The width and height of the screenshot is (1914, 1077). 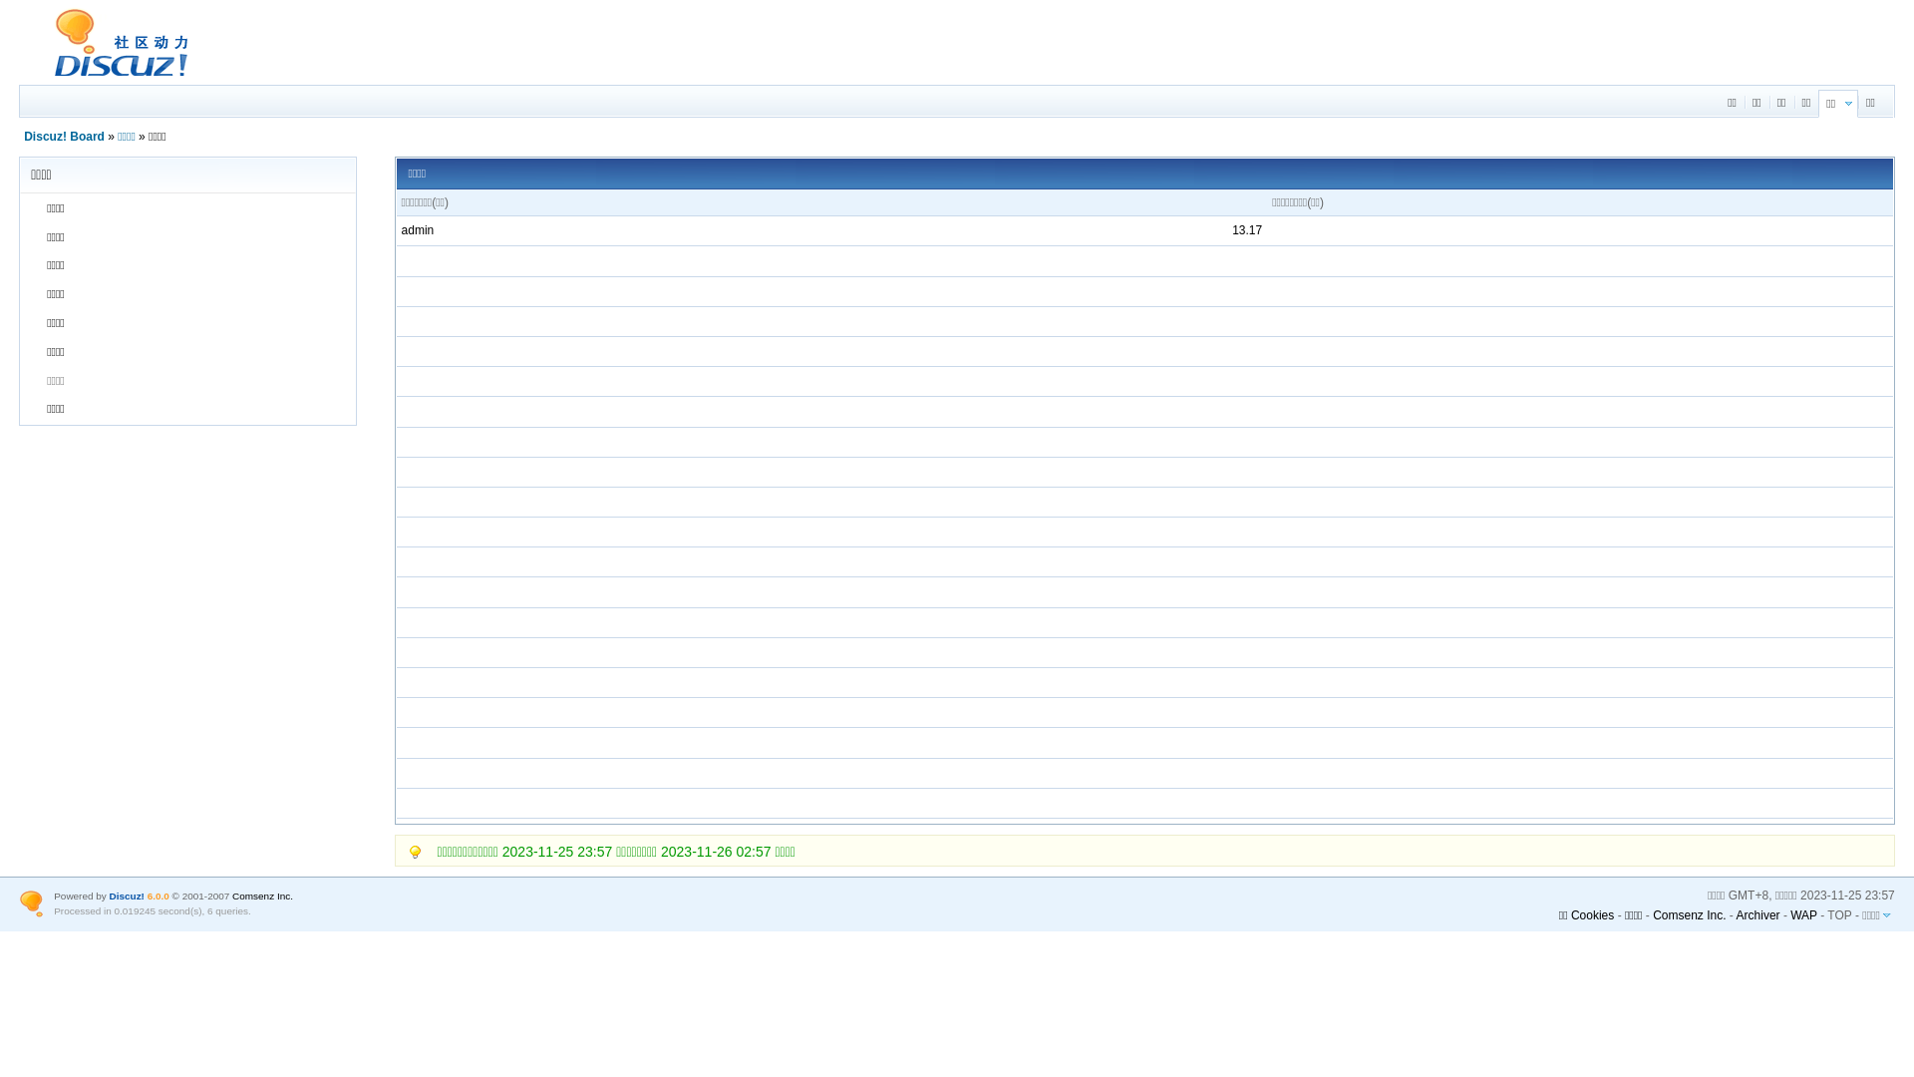 What do you see at coordinates (1837, 914) in the screenshot?
I see `'TOP'` at bounding box center [1837, 914].